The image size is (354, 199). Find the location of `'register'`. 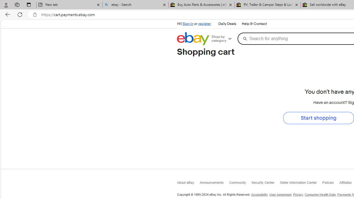

'register' is located at coordinates (204, 23).